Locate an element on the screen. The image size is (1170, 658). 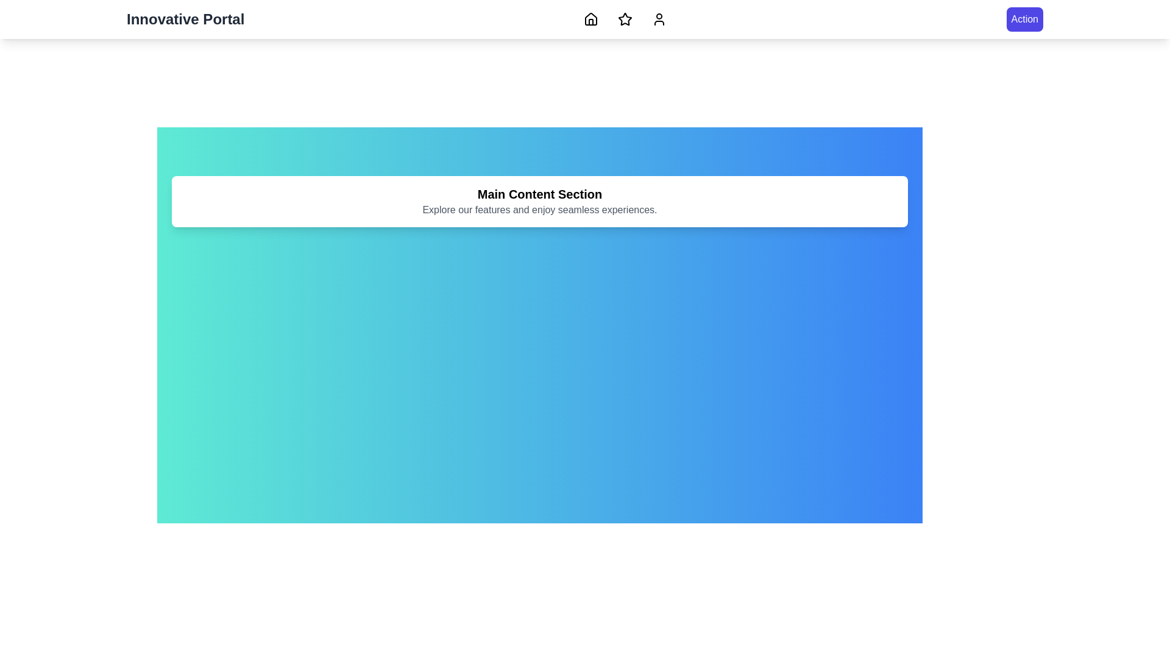
the navigation button corresponding to User is located at coordinates (659, 19).